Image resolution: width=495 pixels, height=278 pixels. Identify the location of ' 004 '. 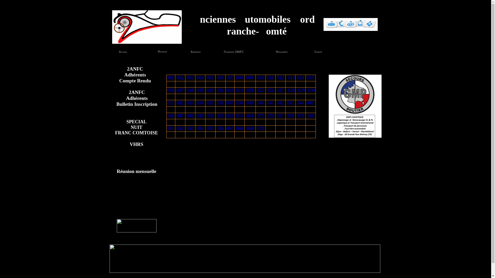
(200, 77).